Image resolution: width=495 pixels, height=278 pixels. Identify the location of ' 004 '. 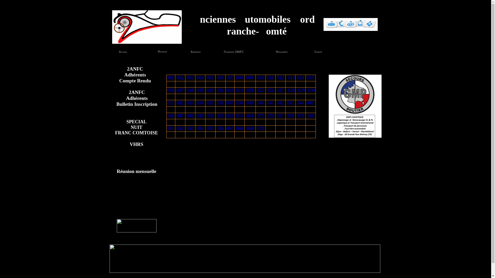
(200, 77).